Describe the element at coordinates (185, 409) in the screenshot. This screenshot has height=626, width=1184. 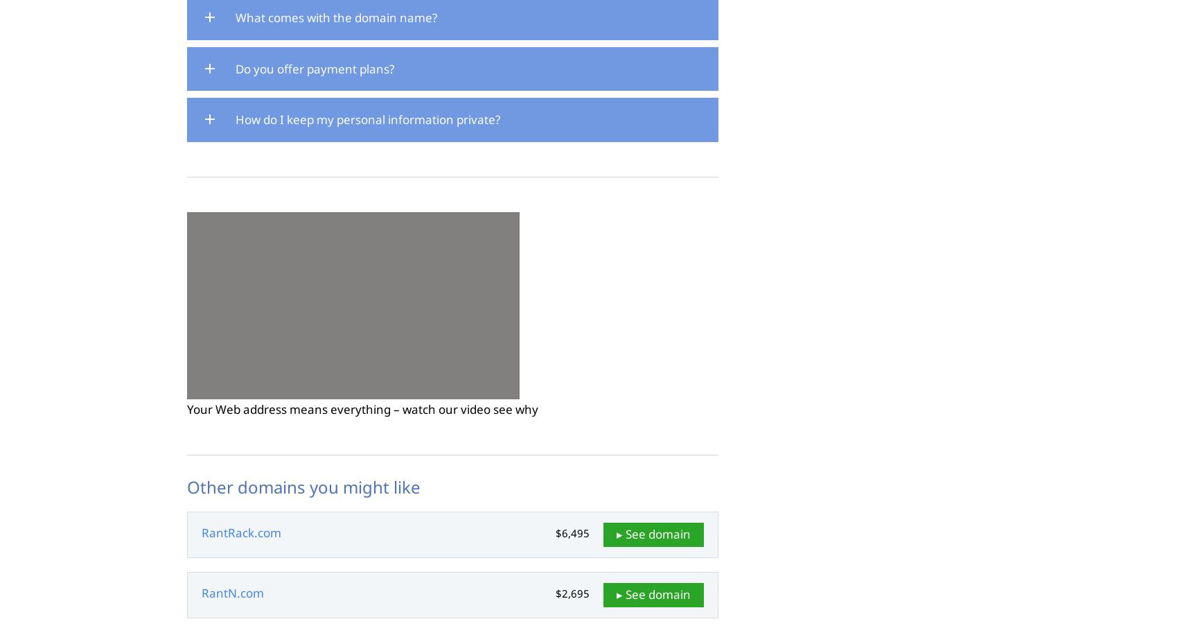
I see `'Your Web address means everything – watch our video see why'` at that location.